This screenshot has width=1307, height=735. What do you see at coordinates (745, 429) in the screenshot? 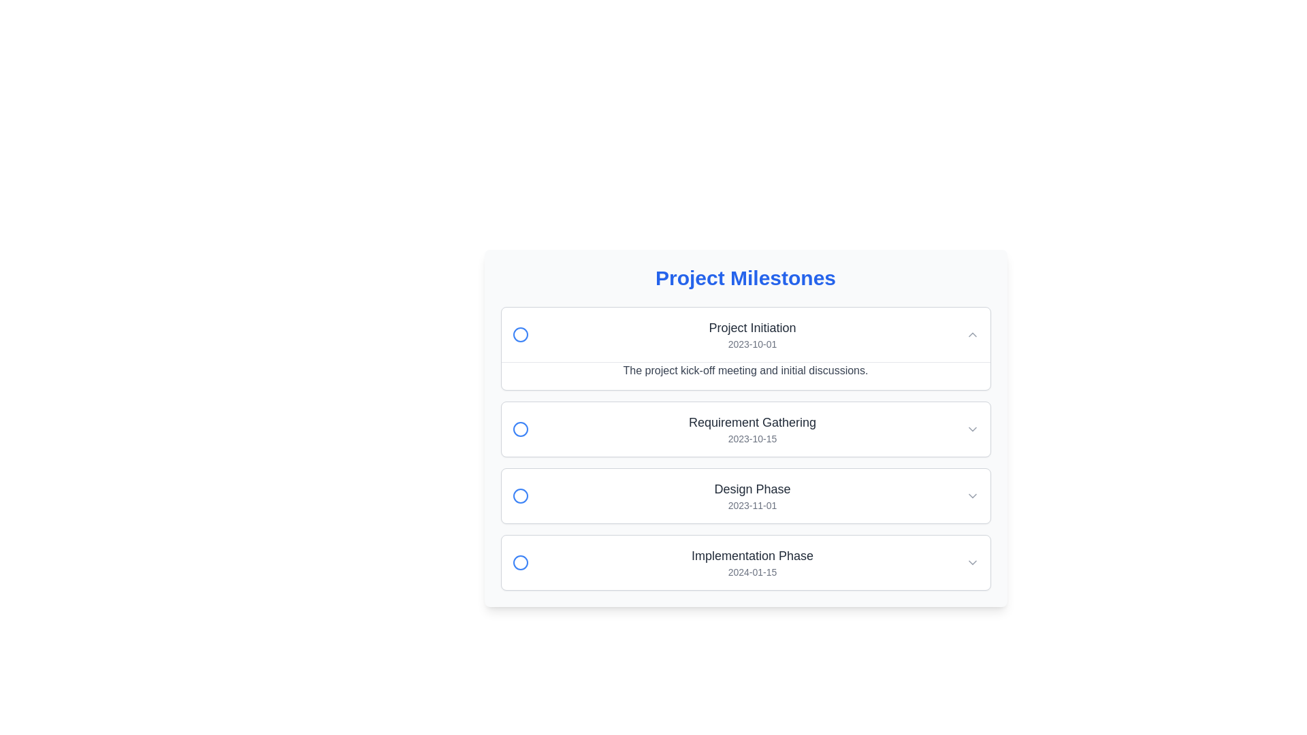
I see `the second milestone card in the project timeline` at bounding box center [745, 429].